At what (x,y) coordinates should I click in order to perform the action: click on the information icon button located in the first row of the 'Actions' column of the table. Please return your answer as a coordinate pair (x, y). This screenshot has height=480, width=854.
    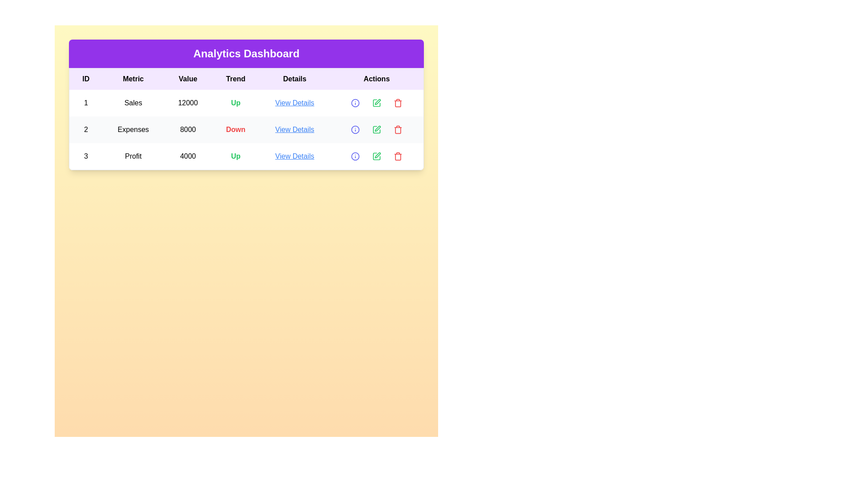
    Looking at the image, I should click on (354, 102).